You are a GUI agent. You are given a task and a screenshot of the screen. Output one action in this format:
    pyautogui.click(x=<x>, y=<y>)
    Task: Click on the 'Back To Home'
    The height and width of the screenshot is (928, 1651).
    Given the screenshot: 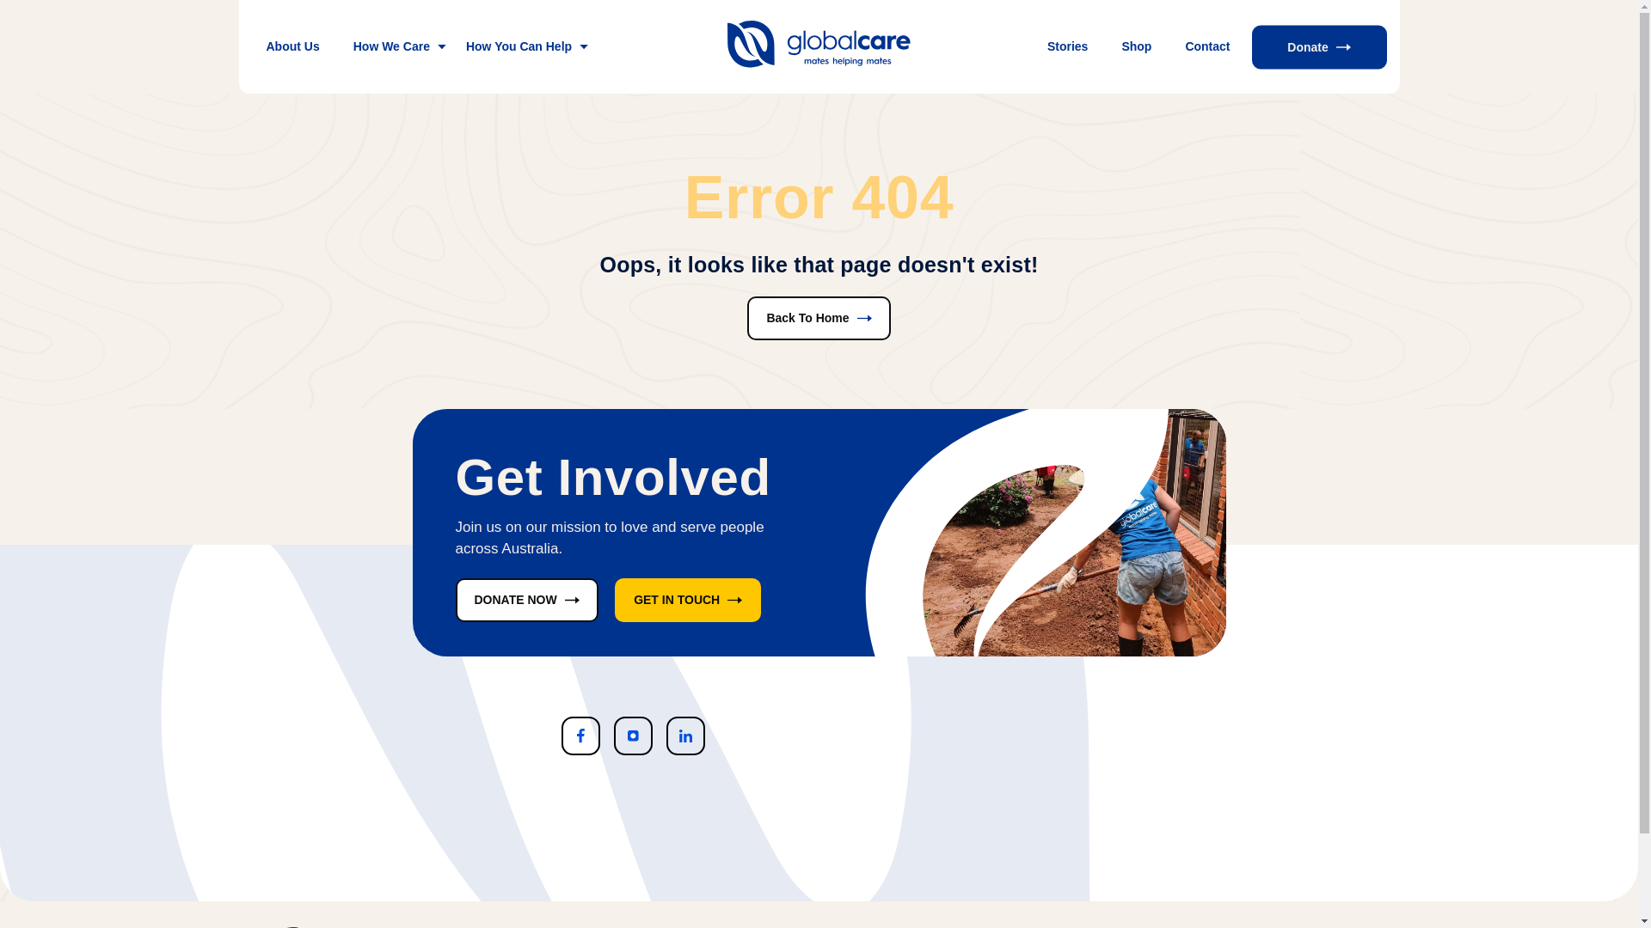 What is the action you would take?
    pyautogui.click(x=817, y=318)
    